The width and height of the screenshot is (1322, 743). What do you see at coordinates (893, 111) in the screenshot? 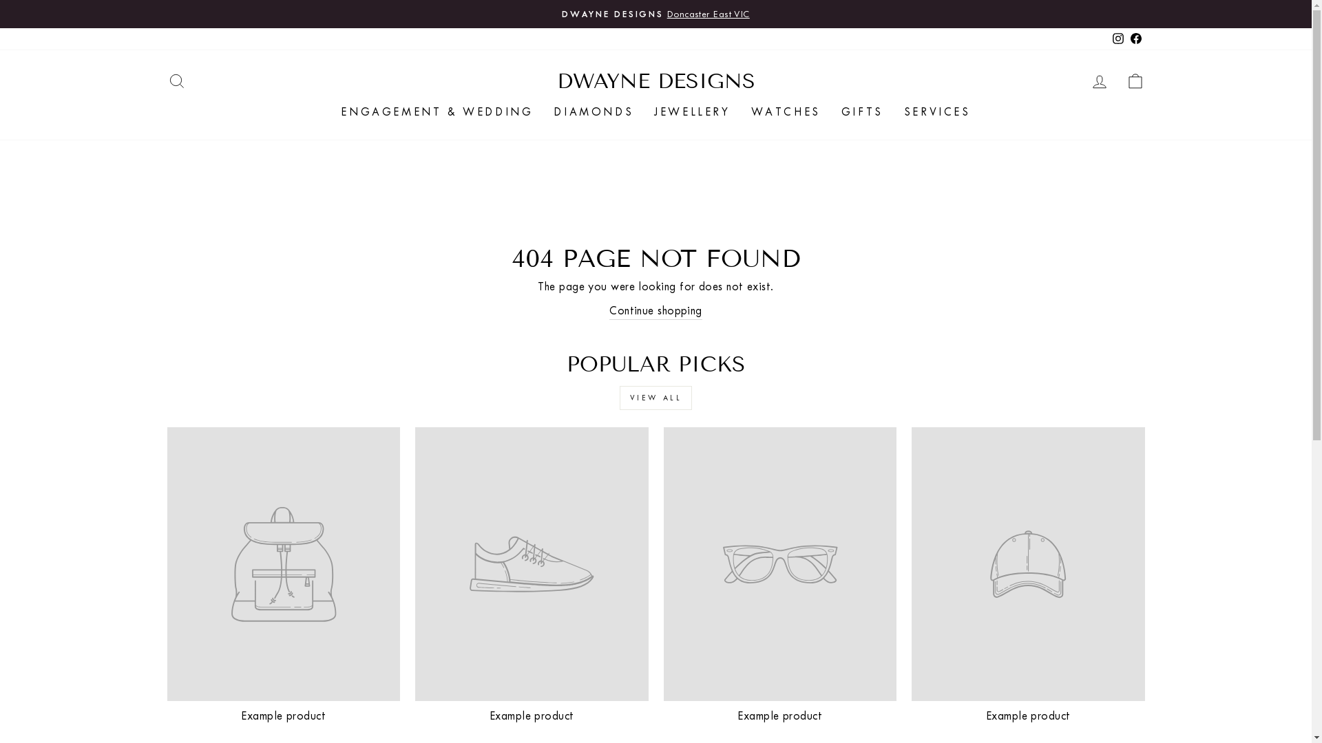
I see `'SERVICES'` at bounding box center [893, 111].